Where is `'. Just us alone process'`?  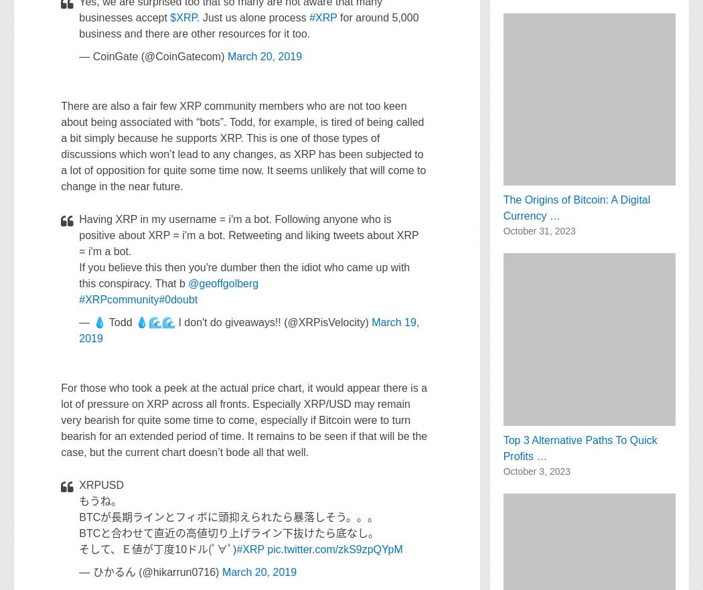 '. Just us alone process' is located at coordinates (253, 17).